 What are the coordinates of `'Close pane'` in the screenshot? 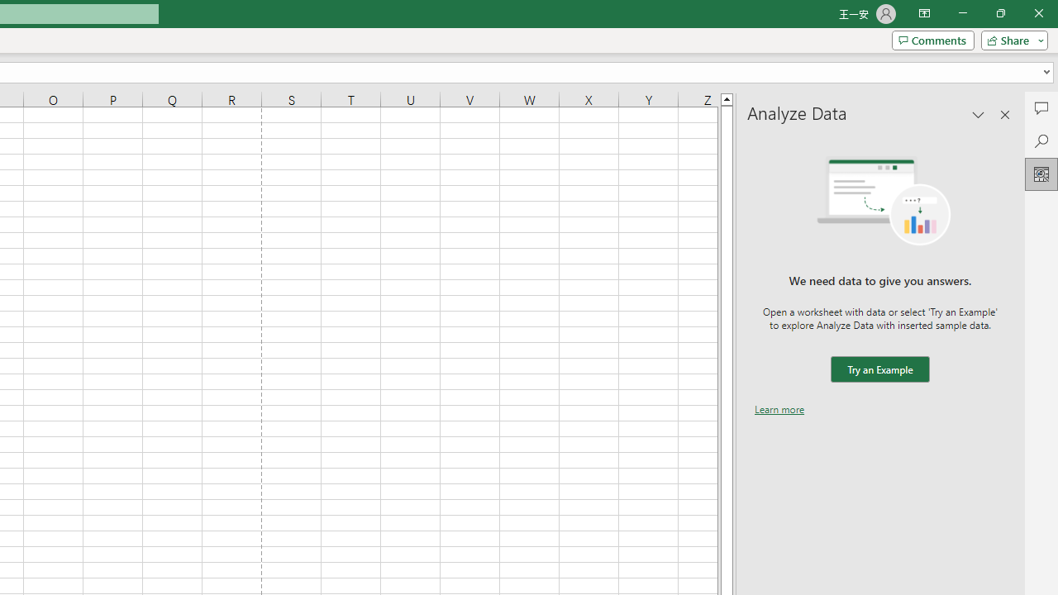 It's located at (1004, 113).